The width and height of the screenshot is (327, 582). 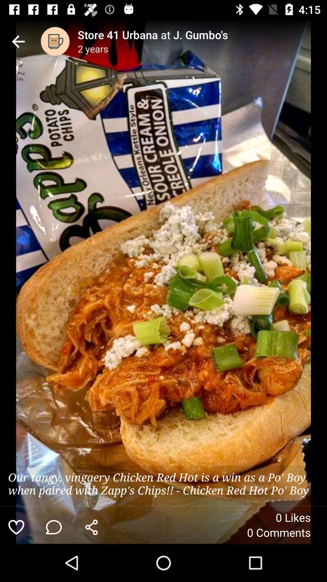 I want to click on the item next to 0 comments, so click(x=91, y=527).